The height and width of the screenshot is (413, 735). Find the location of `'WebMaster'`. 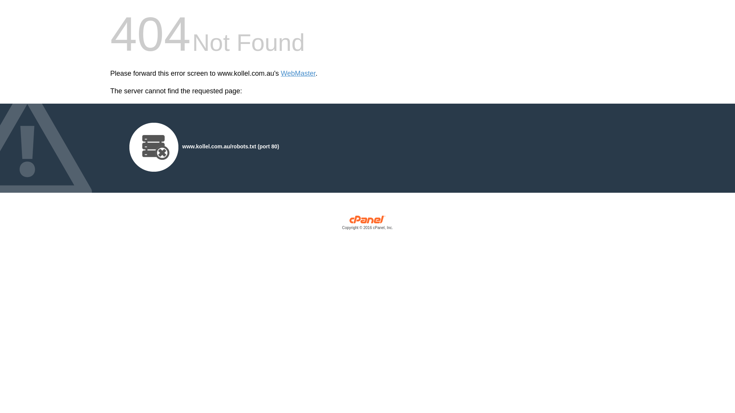

'WebMaster' is located at coordinates (281, 73).